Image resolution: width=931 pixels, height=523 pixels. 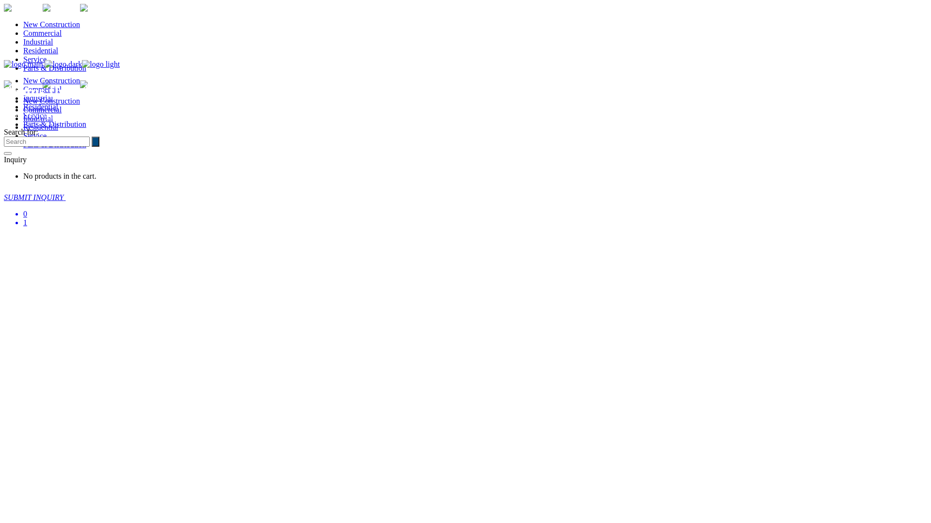 What do you see at coordinates (42, 109) in the screenshot?
I see `'Commercial'` at bounding box center [42, 109].